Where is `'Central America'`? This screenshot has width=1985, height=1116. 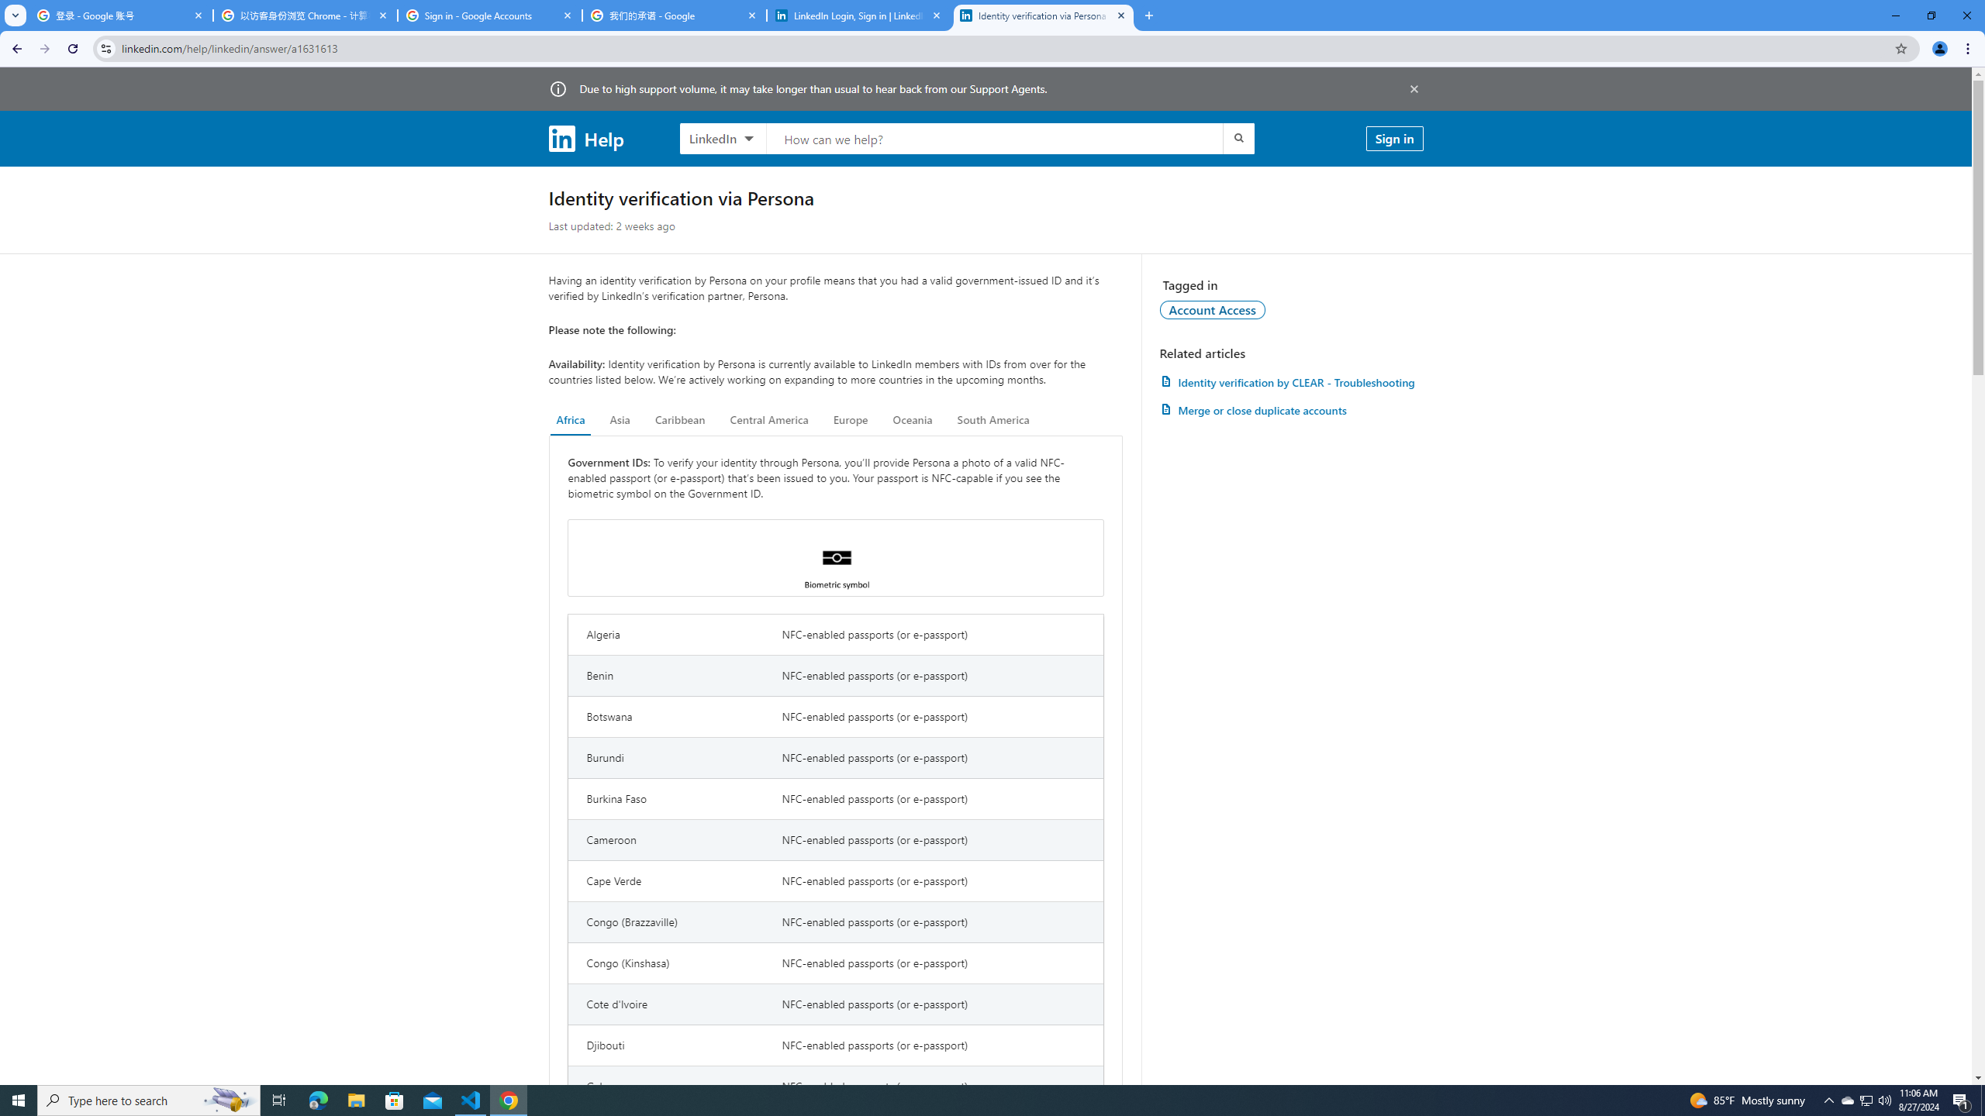
'Central America' is located at coordinates (768, 419).